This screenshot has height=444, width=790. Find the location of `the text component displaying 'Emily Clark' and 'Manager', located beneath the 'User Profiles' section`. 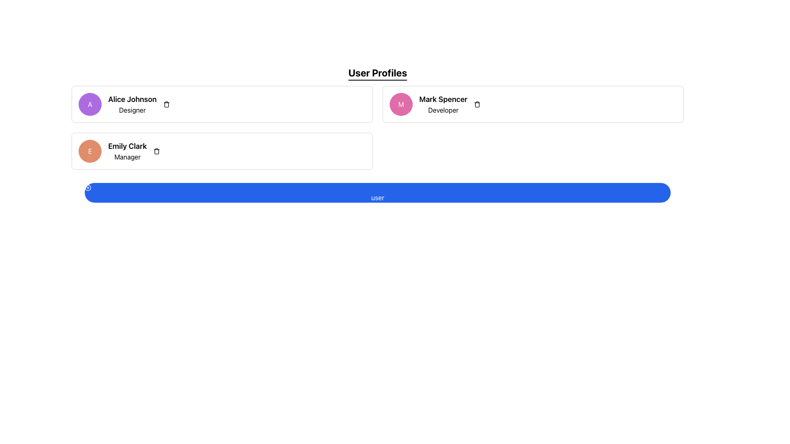

the text component displaying 'Emily Clark' and 'Manager', located beneath the 'User Profiles' section is located at coordinates (127, 151).